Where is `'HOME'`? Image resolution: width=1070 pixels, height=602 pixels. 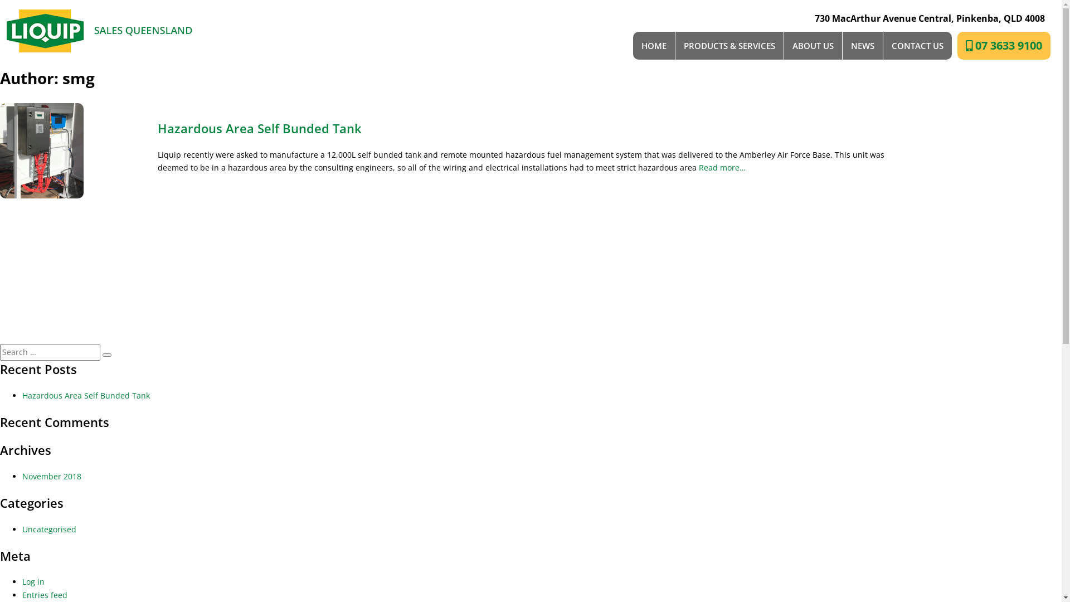
'HOME' is located at coordinates (654, 45).